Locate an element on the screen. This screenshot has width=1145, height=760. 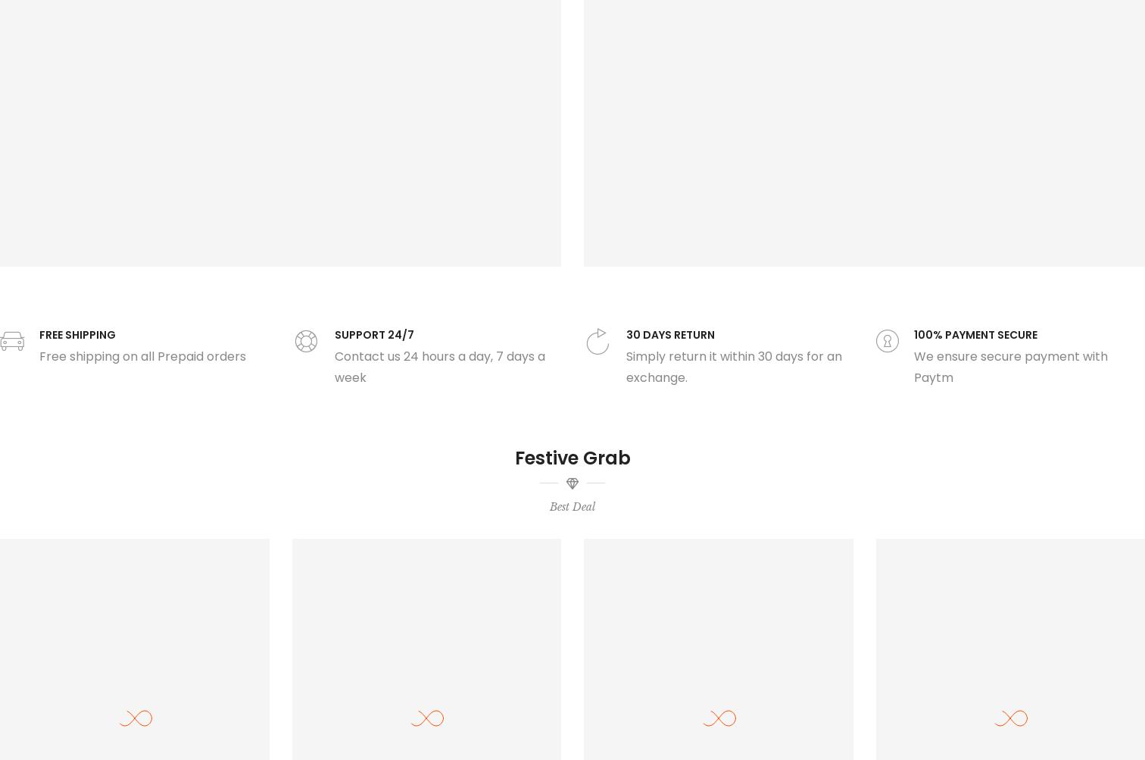
'FREE SHIPPING' is located at coordinates (77, 334).